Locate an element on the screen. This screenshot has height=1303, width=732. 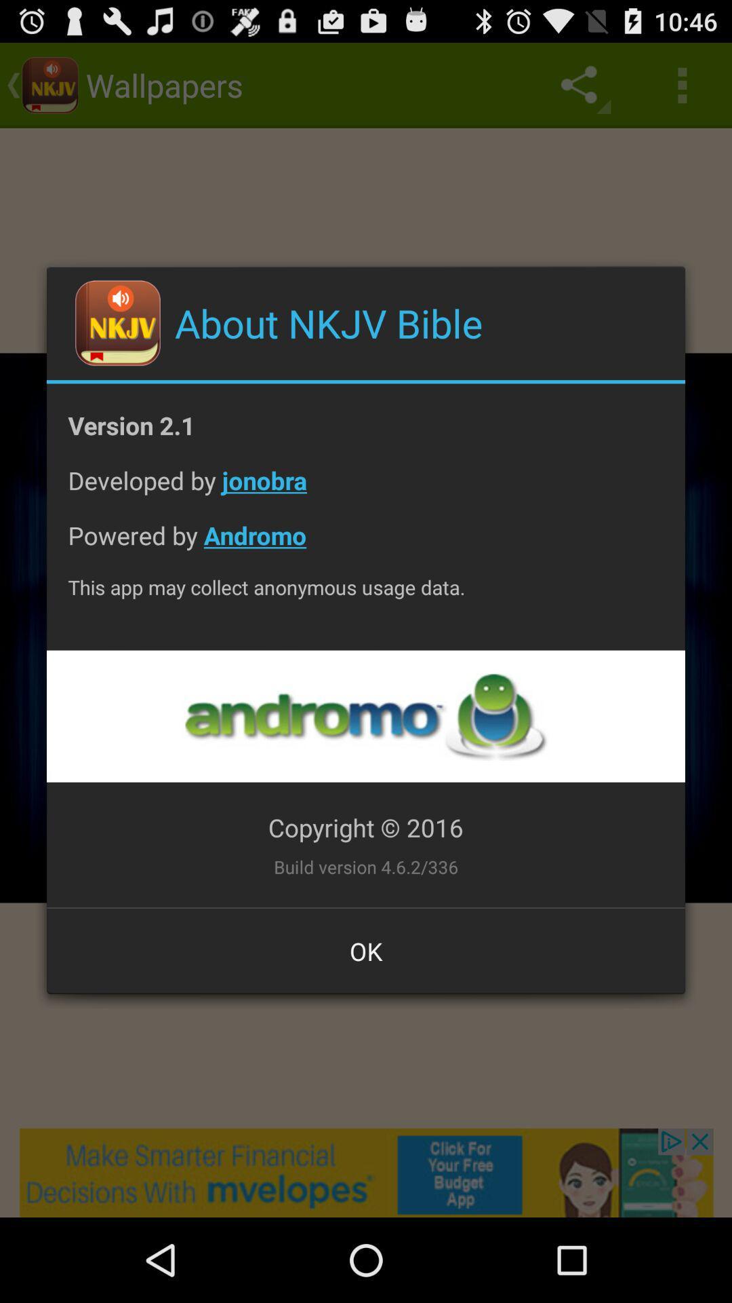
app below version 2.1 icon is located at coordinates (366, 490).